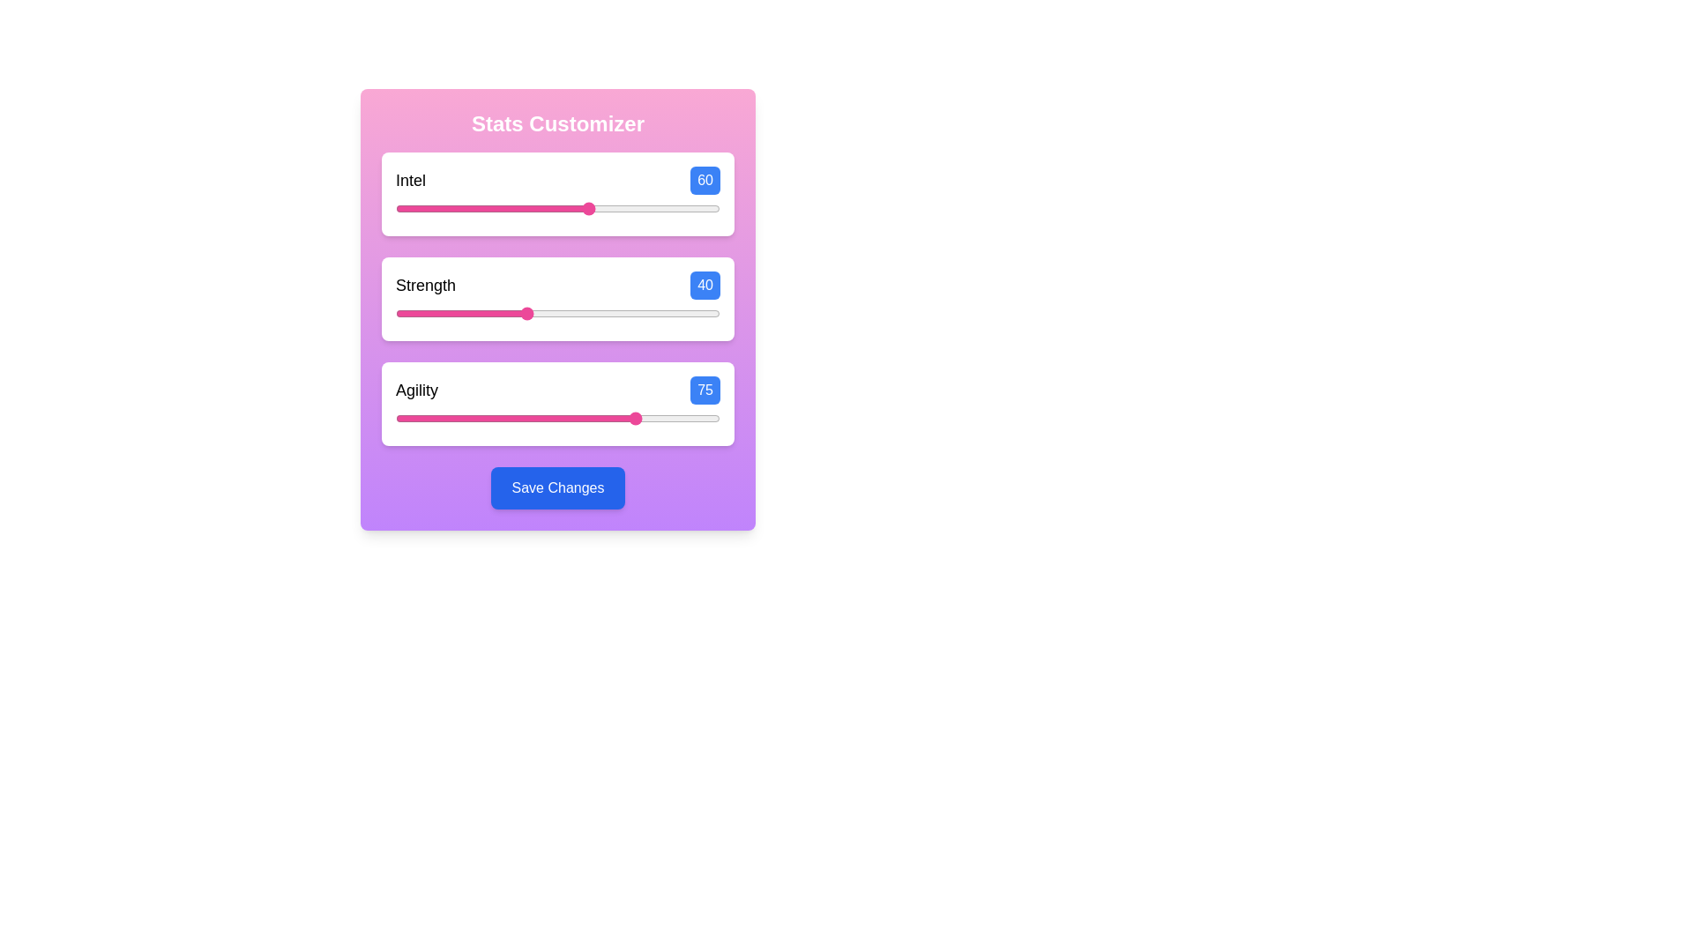  What do you see at coordinates (557, 312) in the screenshot?
I see `the Range Slider element located in the middle panel under the 'Strength' label, which adjusts the value from 0 to 100 and is adjacent to the blue-bordered box displaying '40'` at bounding box center [557, 312].